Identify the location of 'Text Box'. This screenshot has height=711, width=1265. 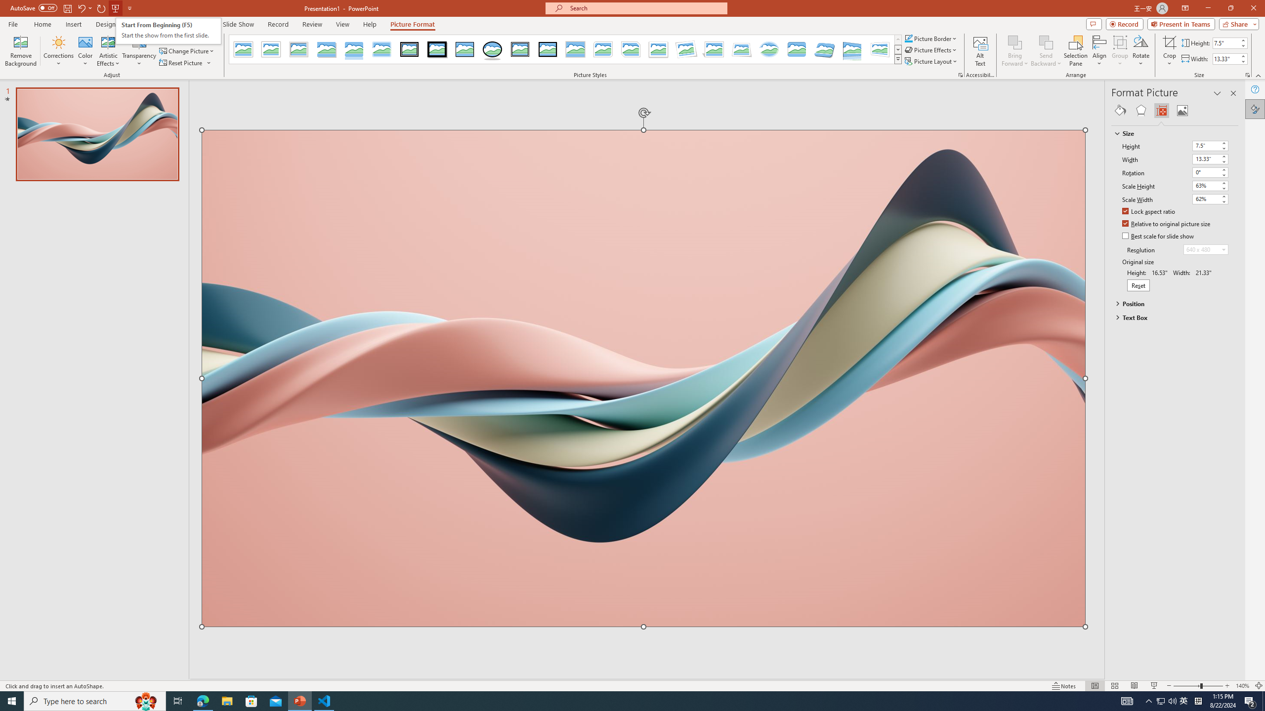
(1170, 317).